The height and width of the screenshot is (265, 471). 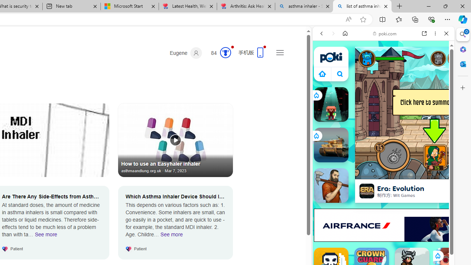 What do you see at coordinates (225, 52) in the screenshot?
I see `'AutomationID: serp_medal_svg'` at bounding box center [225, 52].